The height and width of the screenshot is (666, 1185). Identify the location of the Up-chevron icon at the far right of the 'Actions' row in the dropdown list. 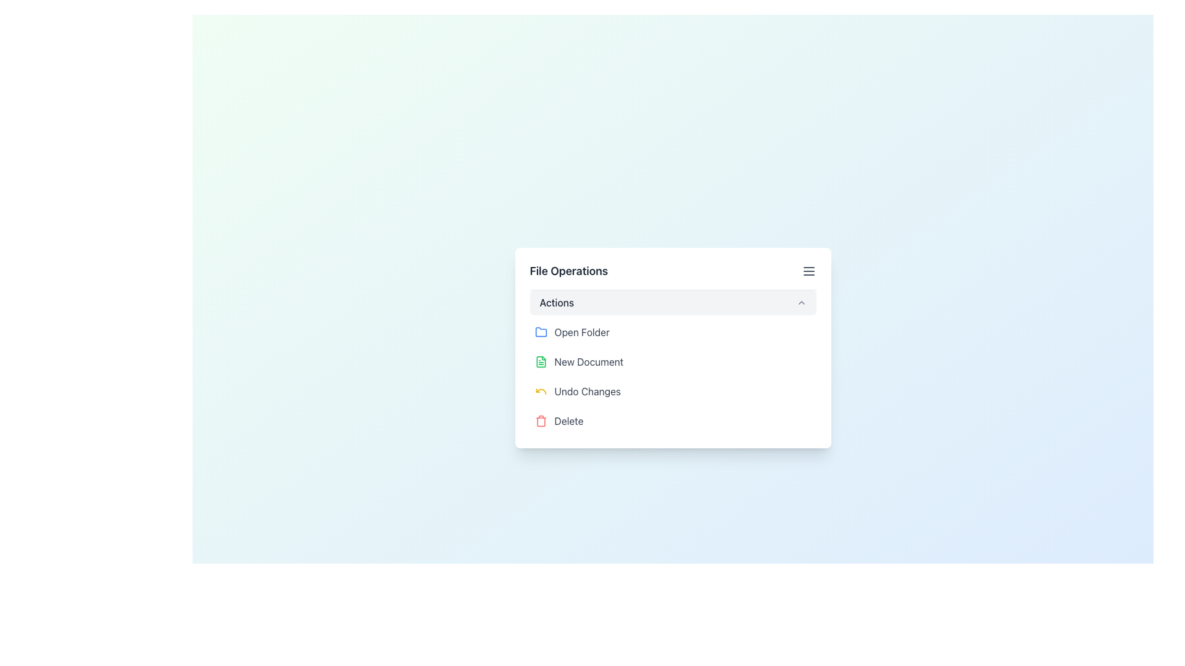
(801, 302).